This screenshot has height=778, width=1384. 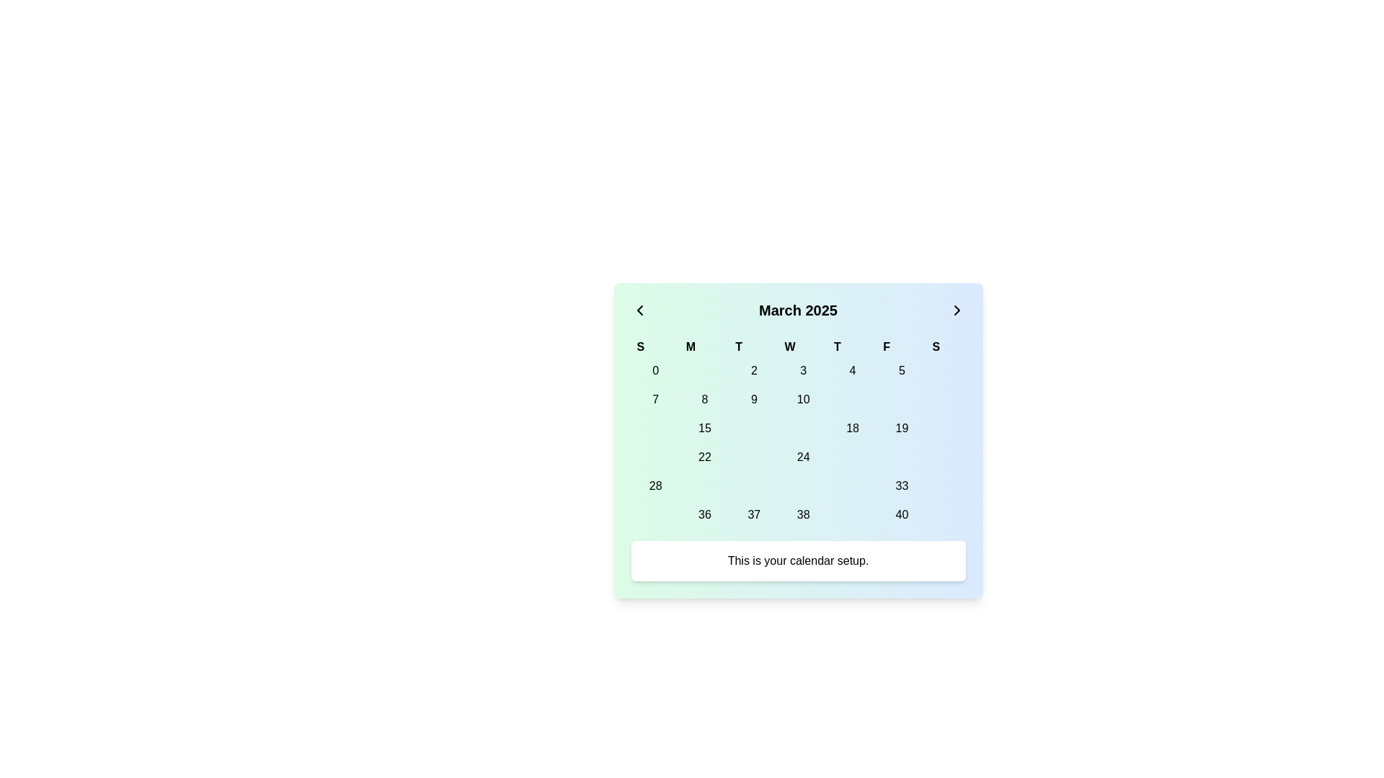 What do you see at coordinates (797, 560) in the screenshot?
I see `description from the informational text box located at the bottom of the calendar setup, directly below the calendar grid` at bounding box center [797, 560].